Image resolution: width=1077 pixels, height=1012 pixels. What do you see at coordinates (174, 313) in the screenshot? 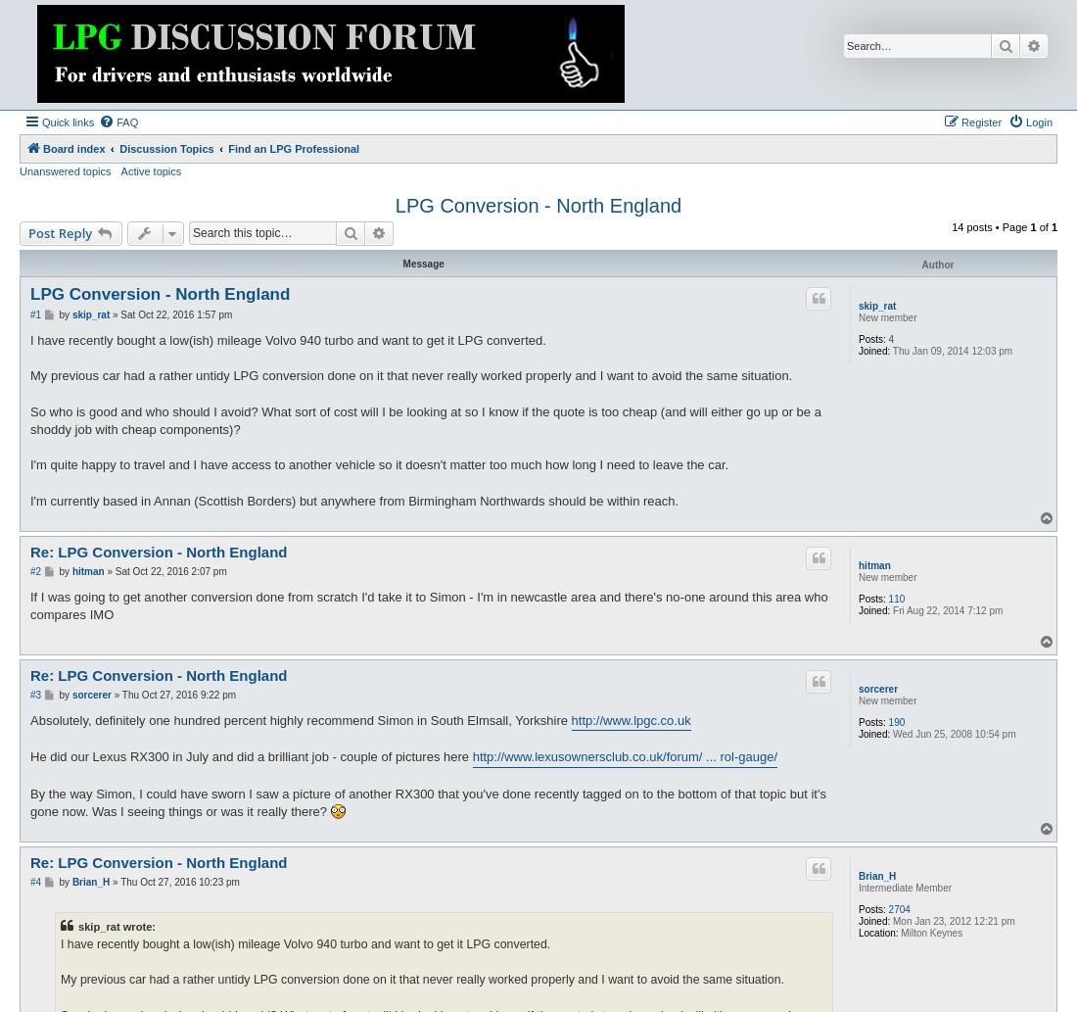
I see `'Sat Oct 22, 2016 1:57 pm'` at bounding box center [174, 313].